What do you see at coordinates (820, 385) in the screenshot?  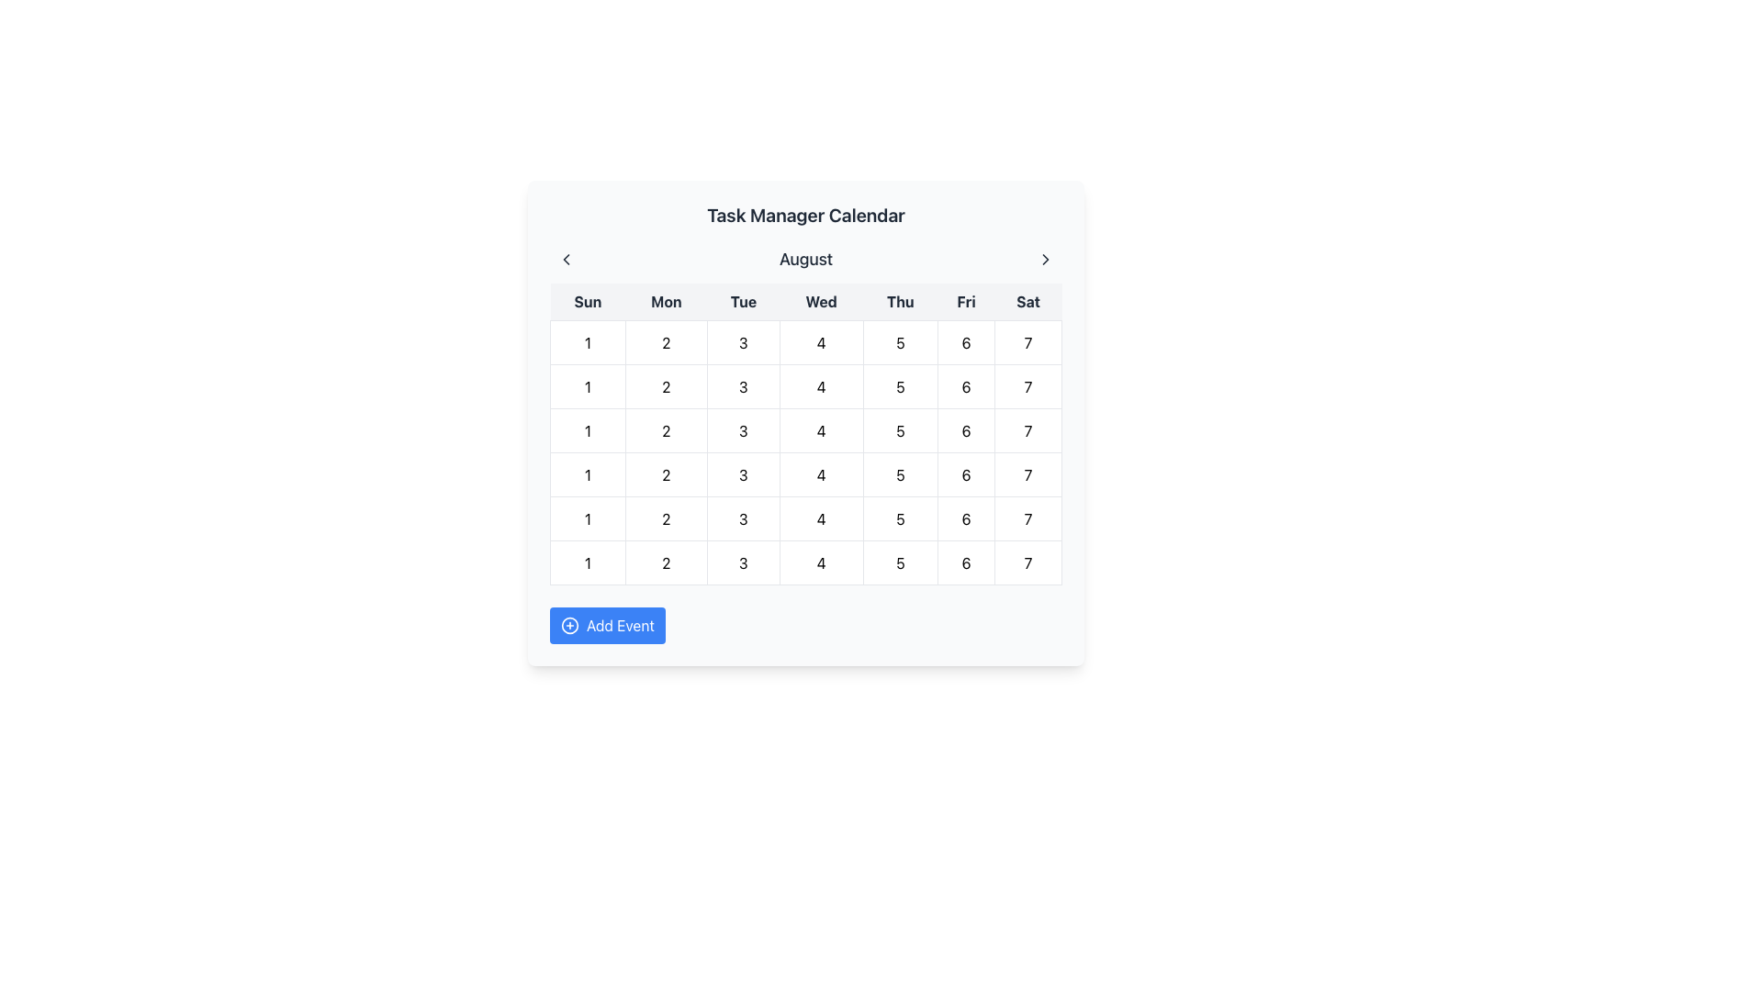 I see `the centered number '4' in the calendar grid under the 'Wed' header for August, located in the second row of the fourth column` at bounding box center [820, 385].